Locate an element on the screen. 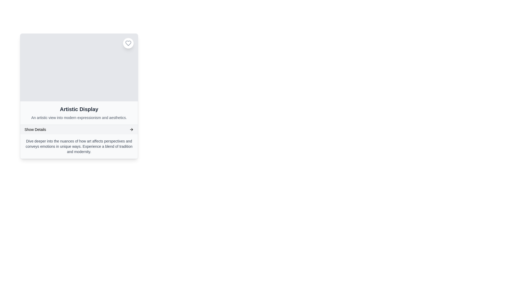  the Text Block located at the bottom of the 'Artistic Display' card, which provides supplementary descriptive information about its artistic themes is located at coordinates (79, 146).